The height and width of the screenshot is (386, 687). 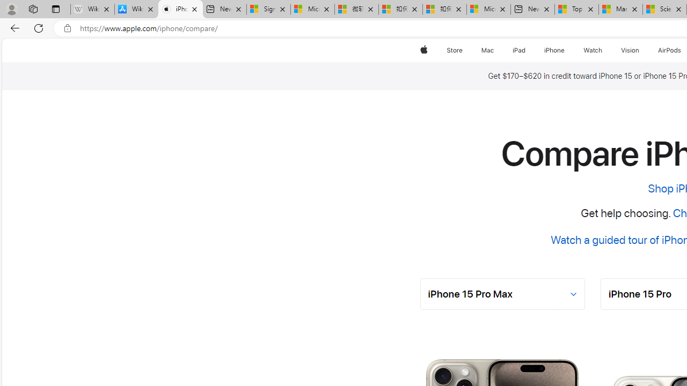 What do you see at coordinates (494, 50) in the screenshot?
I see `'Mac menu'` at bounding box center [494, 50].